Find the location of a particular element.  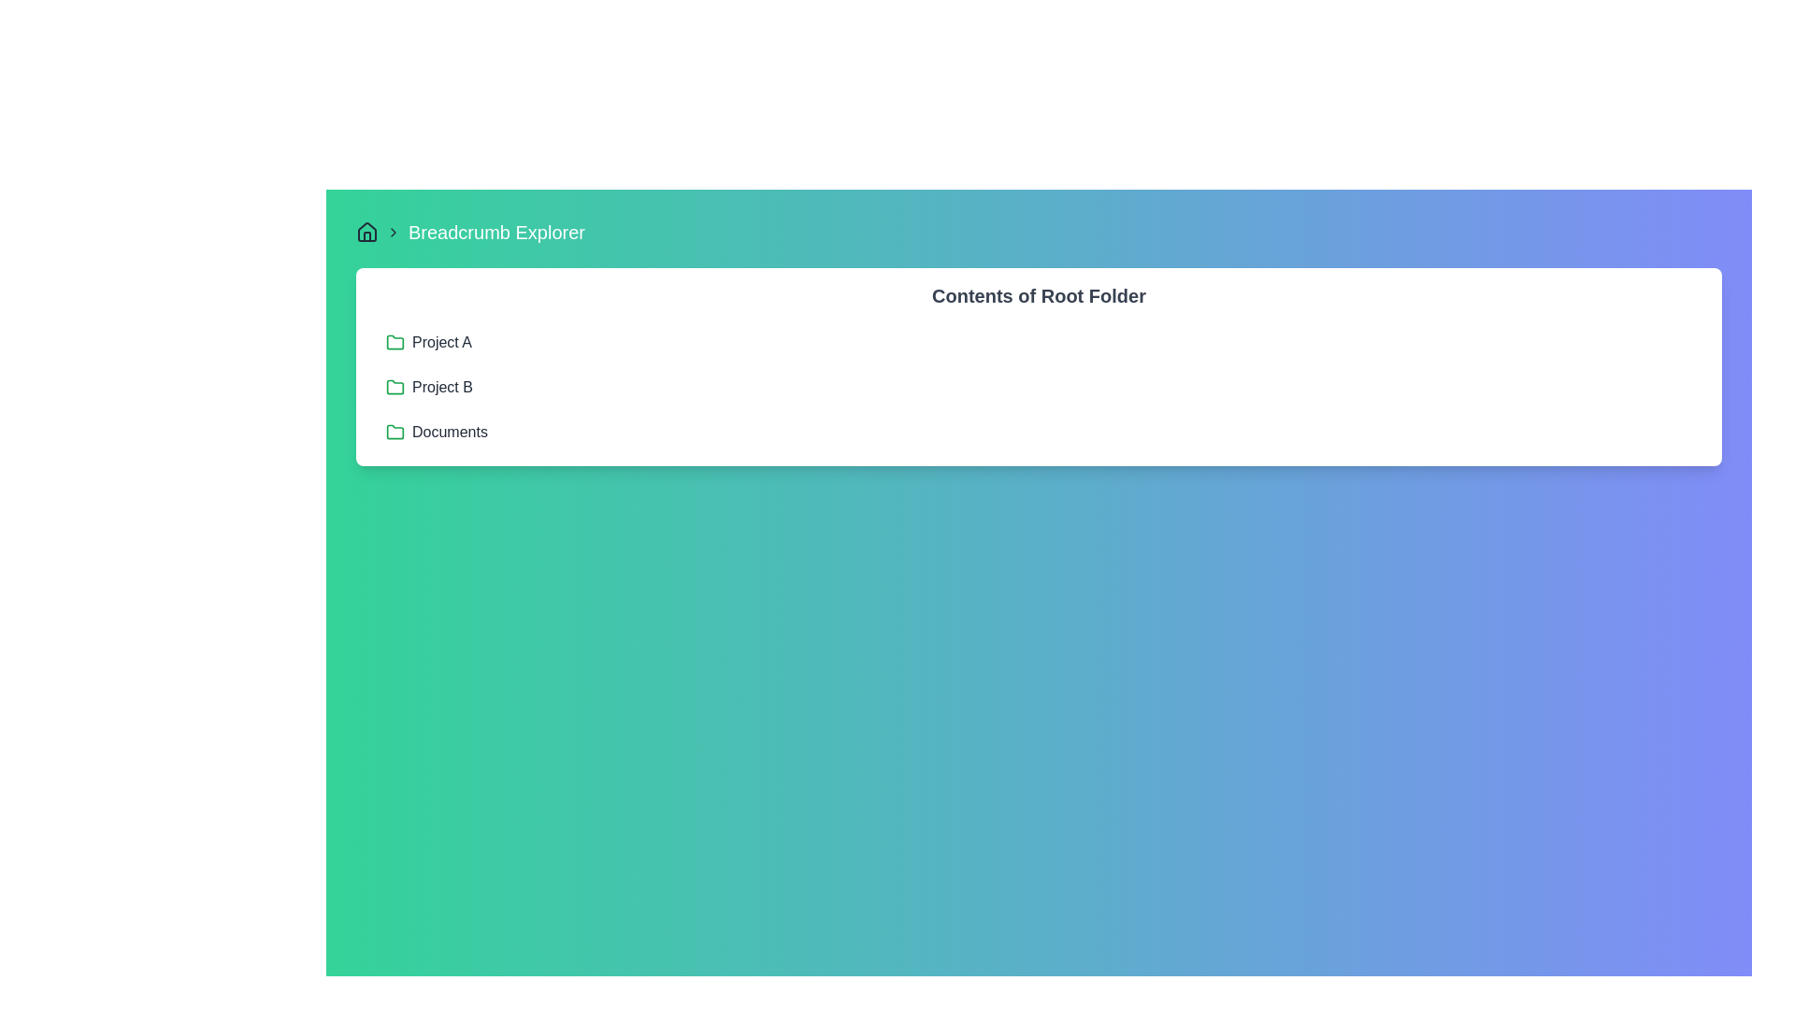

the Folder icon that is part of a green icon is located at coordinates (394, 385).